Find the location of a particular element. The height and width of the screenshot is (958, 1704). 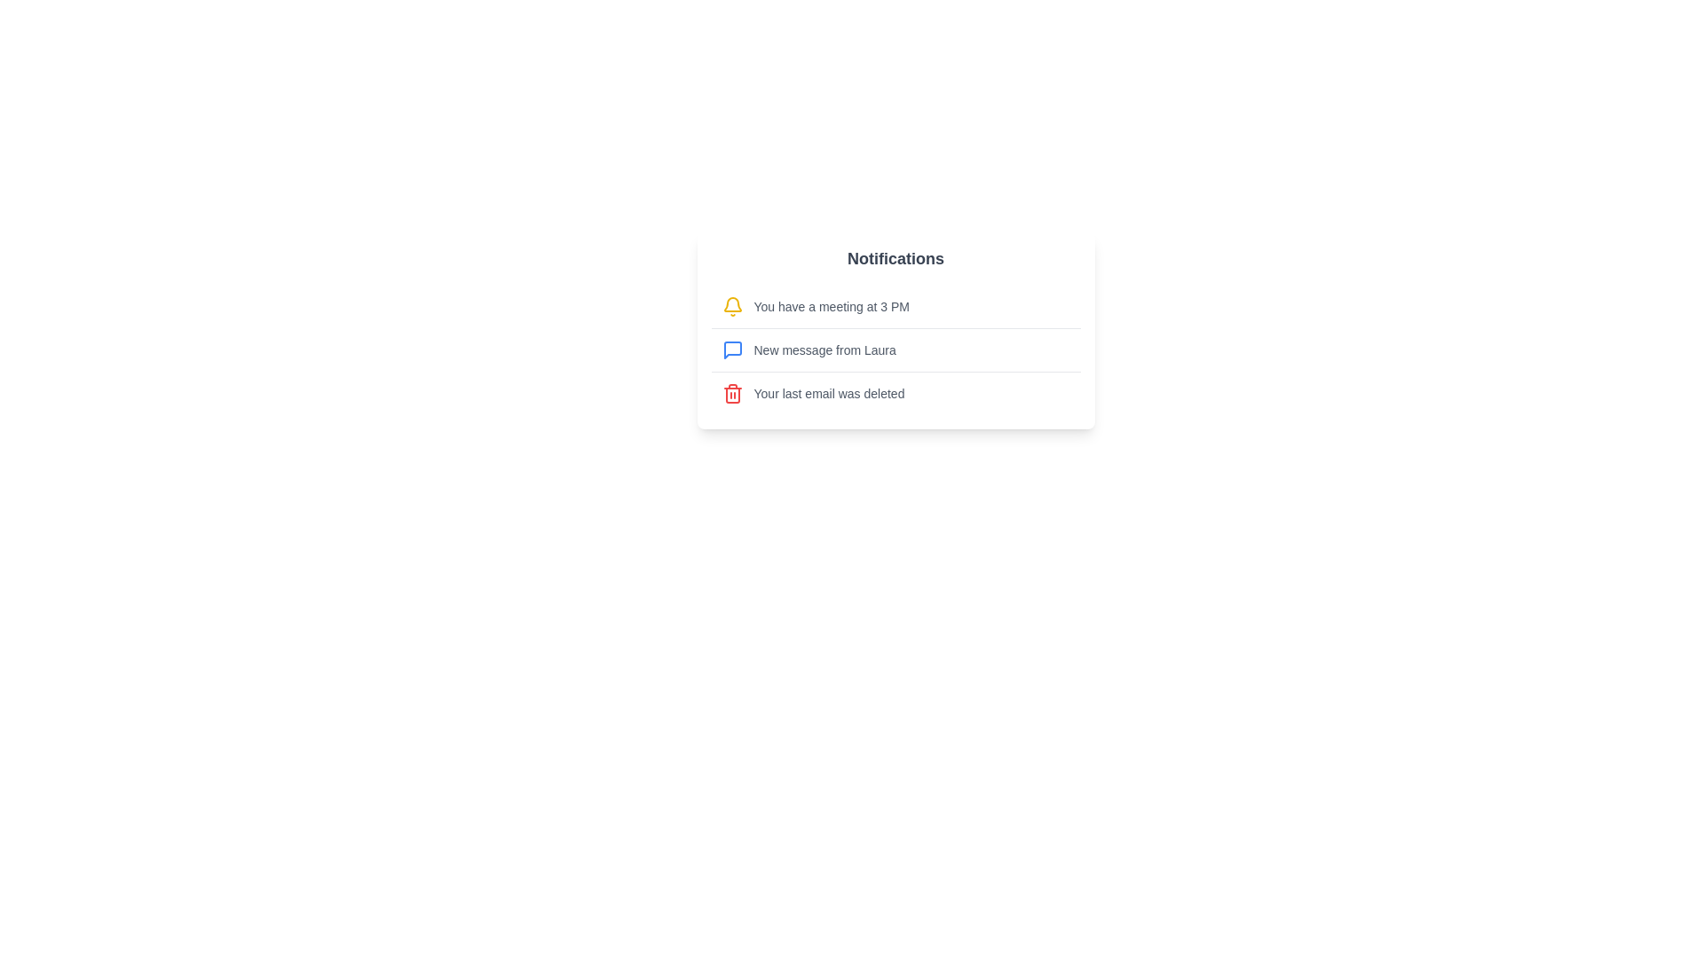

the red outlined trash can vector graphic icon that denotes a delete action, located in the bottom row of the notification list next to the text 'Your last email was deleted' is located at coordinates (732, 395).